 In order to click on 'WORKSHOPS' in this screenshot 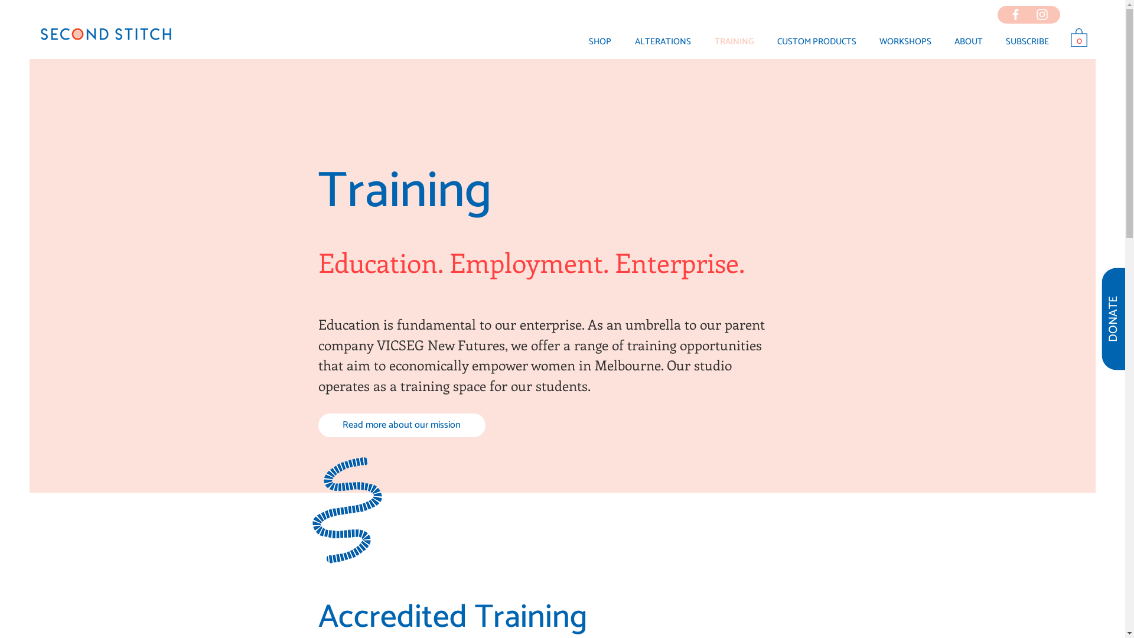, I will do `click(904, 41)`.